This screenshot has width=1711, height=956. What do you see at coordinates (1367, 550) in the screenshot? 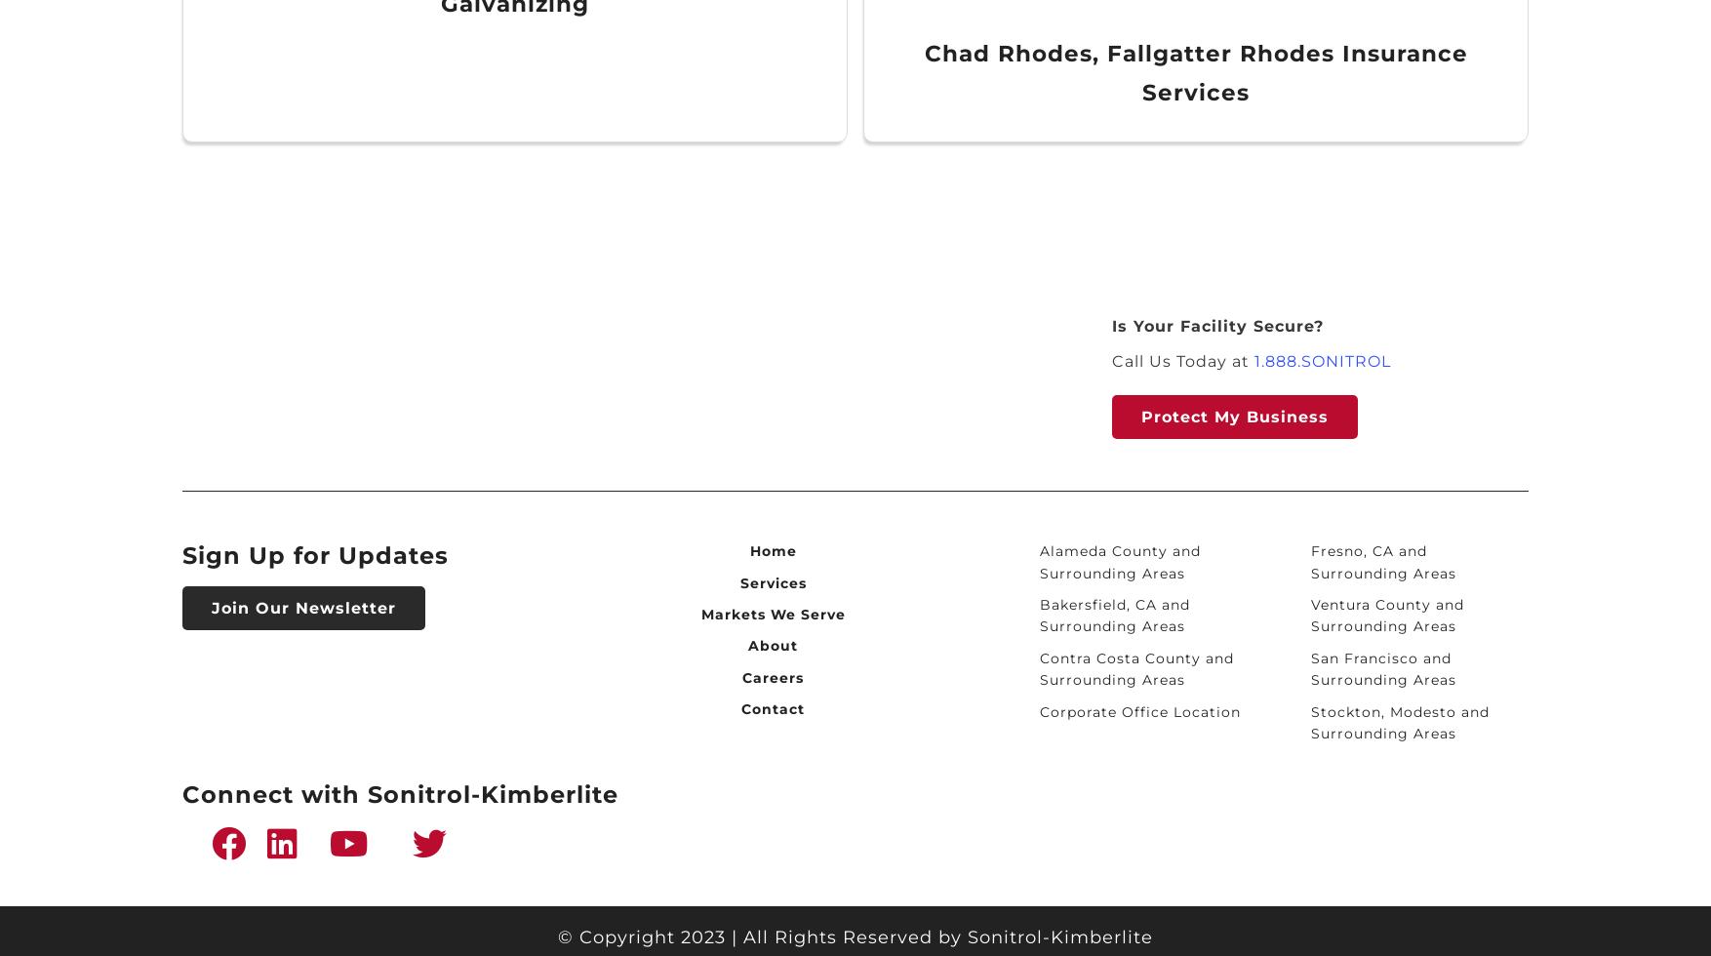
I see `'Fresno, CA and'` at bounding box center [1367, 550].